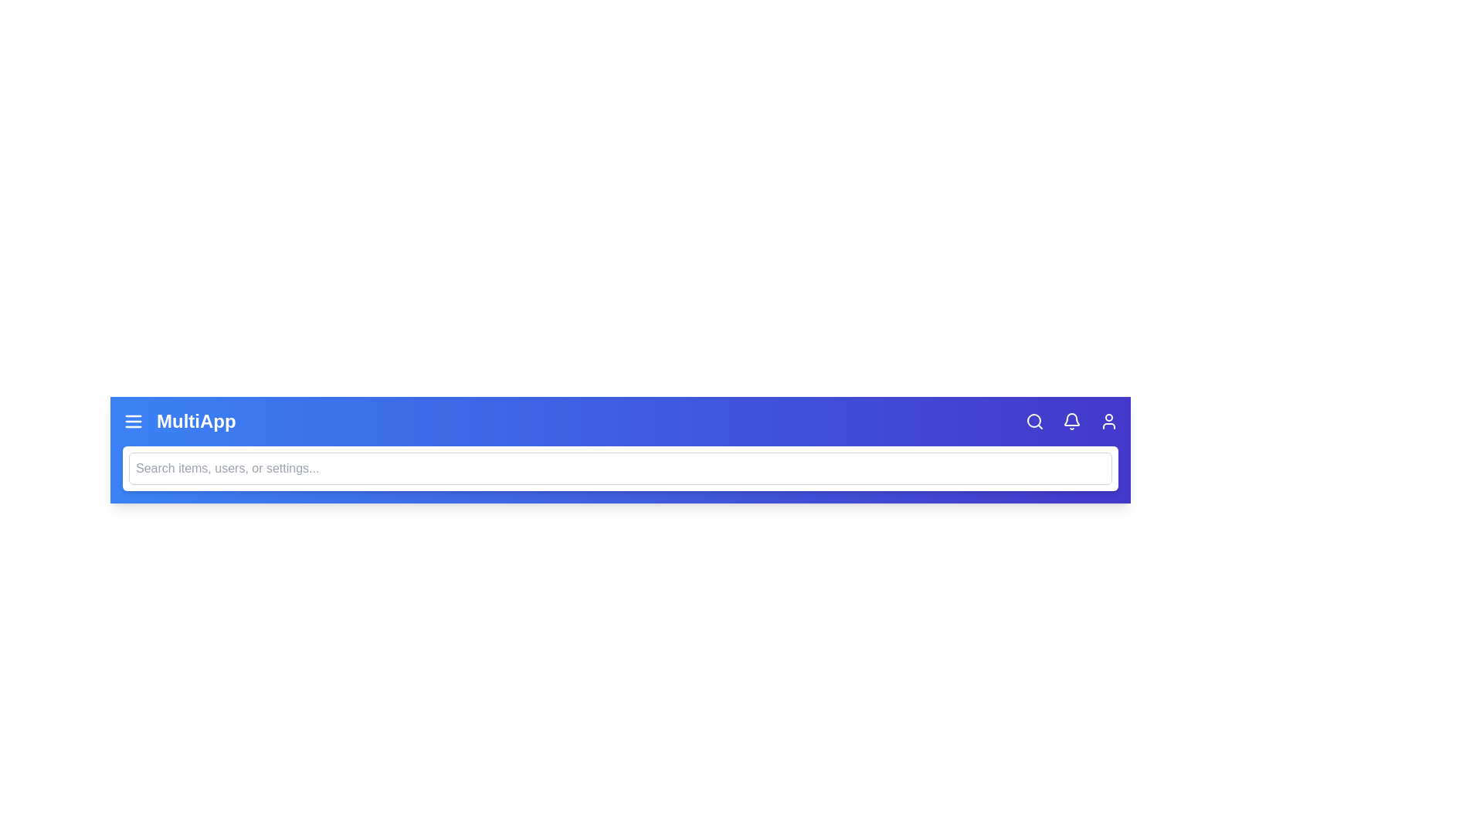 This screenshot has height=834, width=1483. I want to click on the notification bell icon, so click(1071, 422).